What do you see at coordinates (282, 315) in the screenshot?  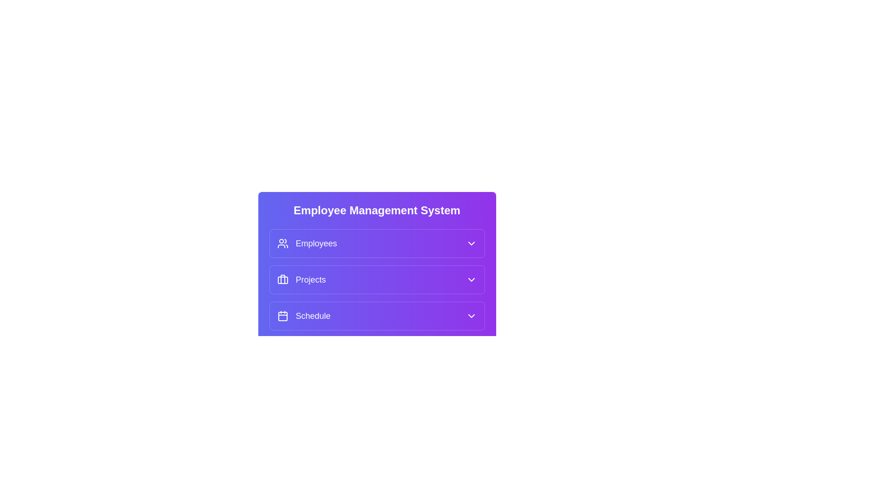 I see `the calendar icon located to the left of the 'Schedule' text in the 'Schedule' menu entry` at bounding box center [282, 315].